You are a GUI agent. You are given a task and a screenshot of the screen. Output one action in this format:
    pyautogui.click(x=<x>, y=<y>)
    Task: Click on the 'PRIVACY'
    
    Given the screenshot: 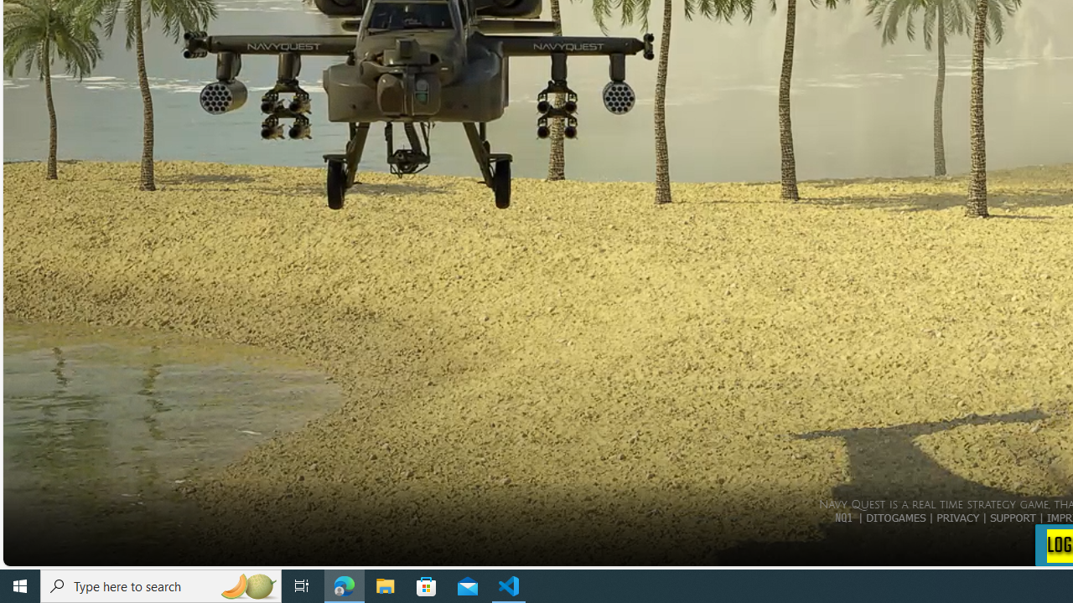 What is the action you would take?
    pyautogui.click(x=958, y=516)
    